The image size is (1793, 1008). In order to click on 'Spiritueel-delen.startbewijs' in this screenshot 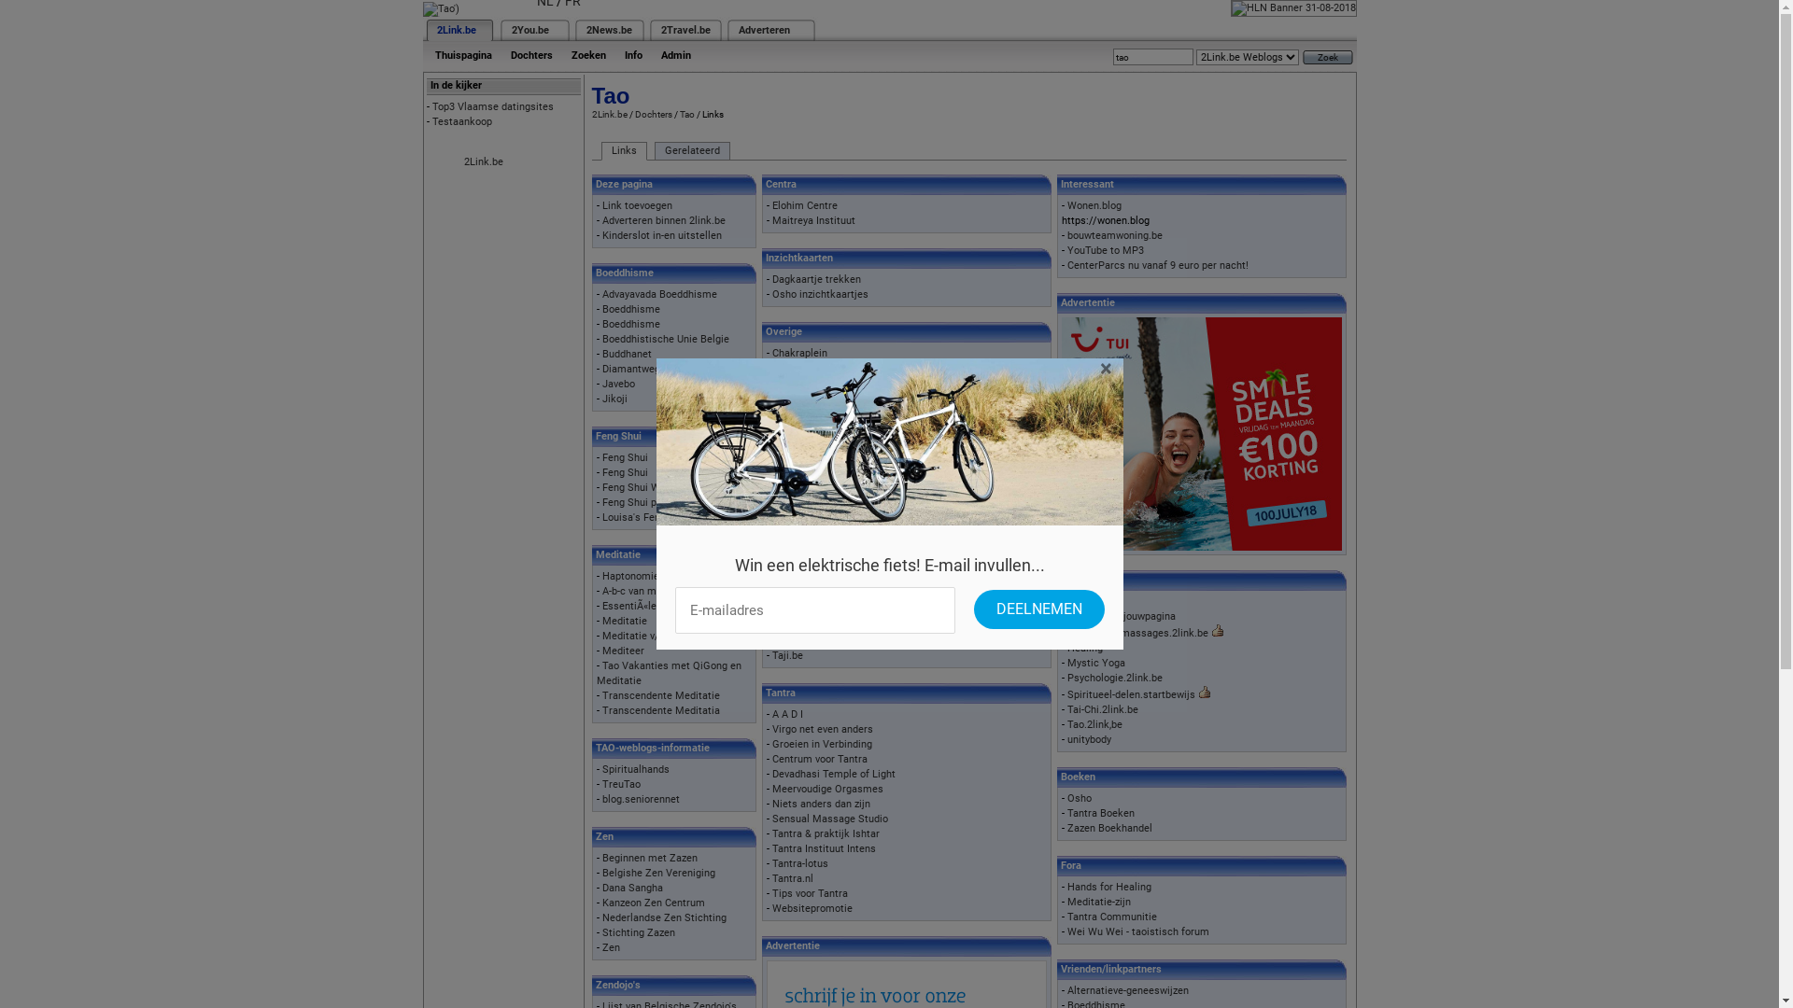, I will do `click(1129, 694)`.